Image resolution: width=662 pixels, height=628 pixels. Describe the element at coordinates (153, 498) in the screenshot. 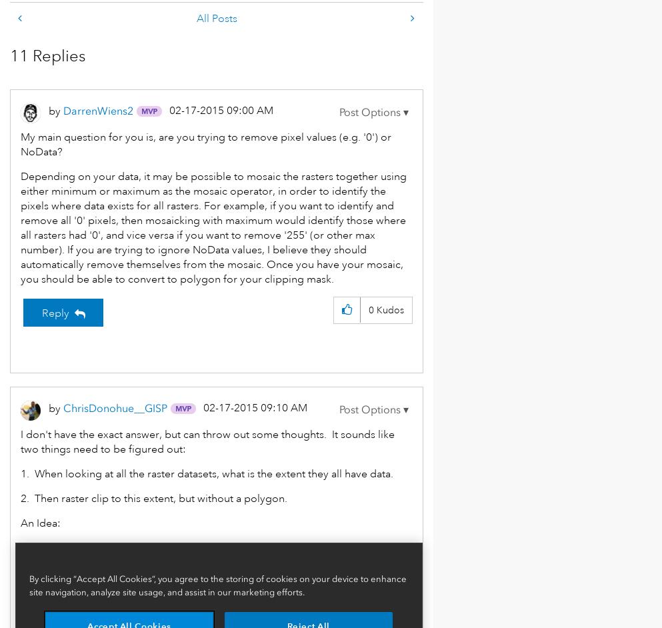

I see `'2.  Then raster clip to this extent, but without a polygon.'` at that location.